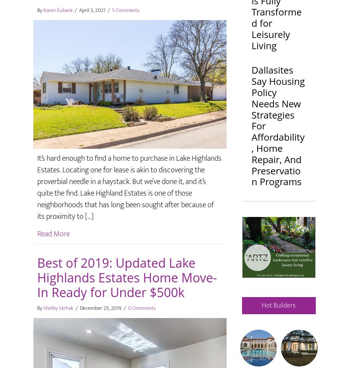 The width and height of the screenshot is (353, 368). I want to click on 'It’s hard enough to find a home to purchase in Lake Highlands Estates. Locating one for lease is akin to discovering the proverbial needle in a haystack. But we’ve done it, and it’s quite the find. Lake Highland Estates is one of those neighborhoods that has long been sought after because of its proximity to […]', so click(129, 187).